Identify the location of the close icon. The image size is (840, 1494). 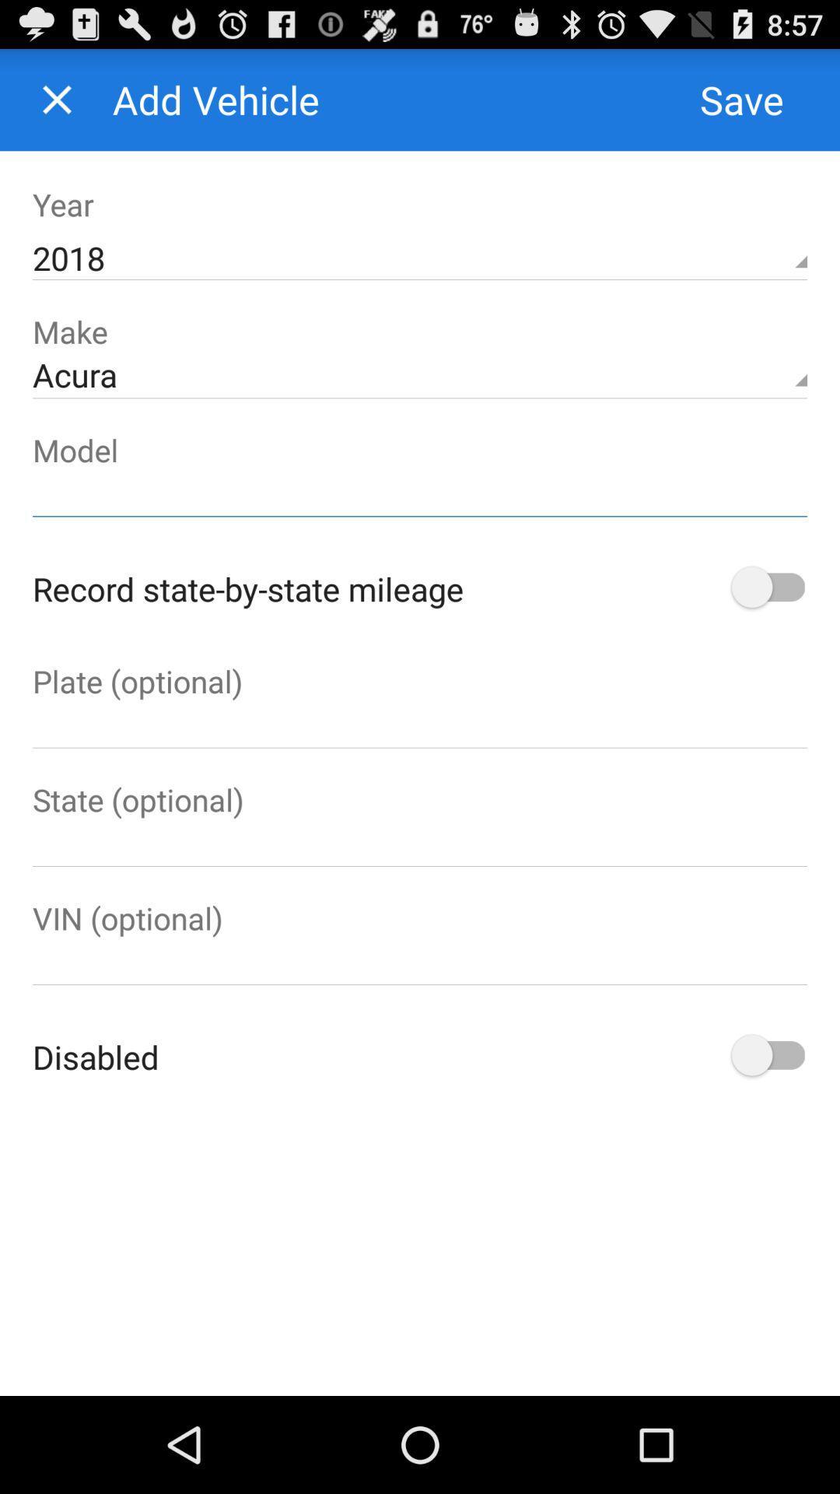
(56, 106).